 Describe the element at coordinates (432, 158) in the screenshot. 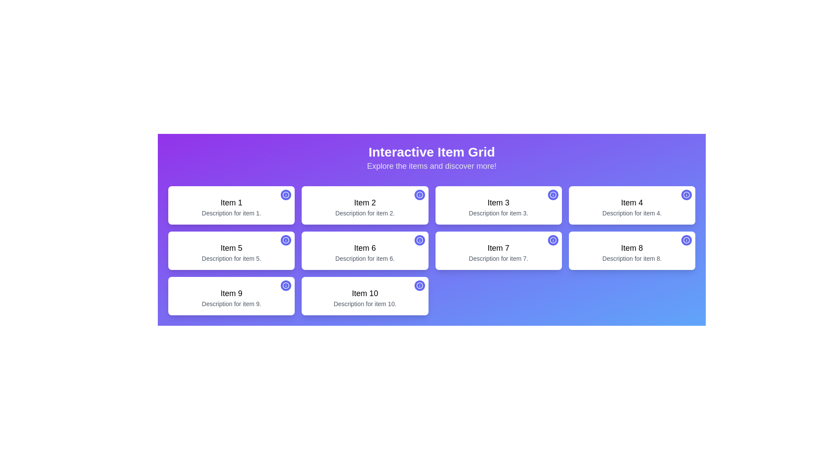

I see `the Text header titled 'Interactive Item Grid' with the subtitle 'Explore the items and discover more!' located at the center of the header section` at that location.